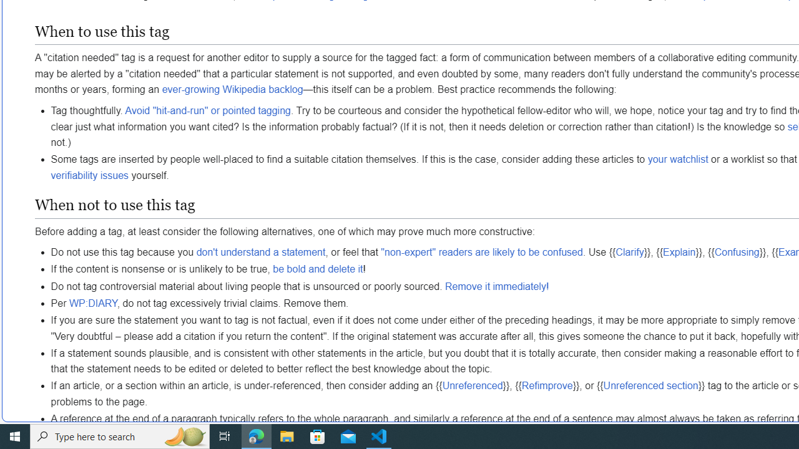  Describe the element at coordinates (89, 175) in the screenshot. I see `'verifiability issues'` at that location.